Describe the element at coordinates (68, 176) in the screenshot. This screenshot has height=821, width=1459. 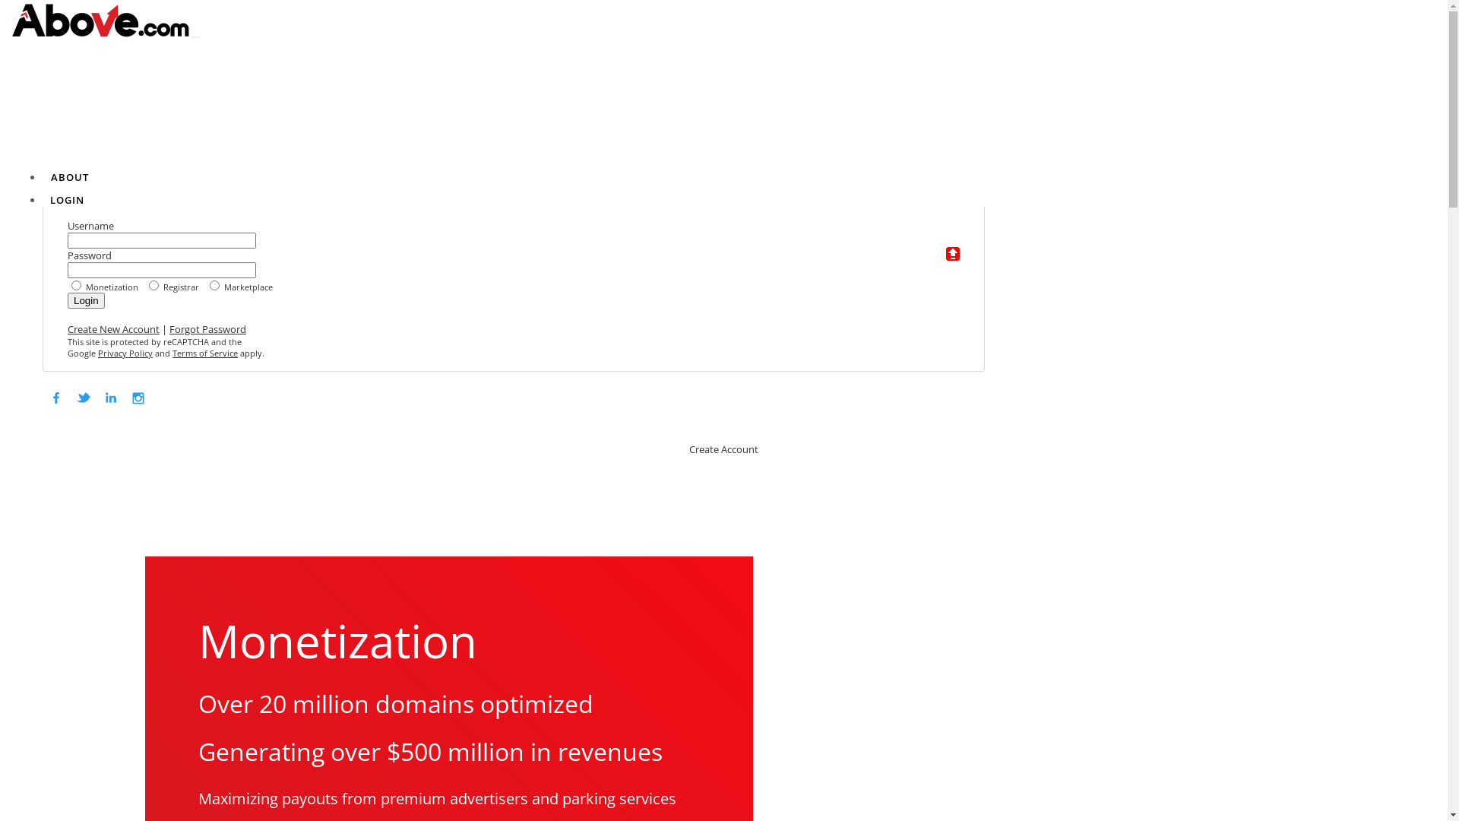
I see `'ABOUT'` at that location.